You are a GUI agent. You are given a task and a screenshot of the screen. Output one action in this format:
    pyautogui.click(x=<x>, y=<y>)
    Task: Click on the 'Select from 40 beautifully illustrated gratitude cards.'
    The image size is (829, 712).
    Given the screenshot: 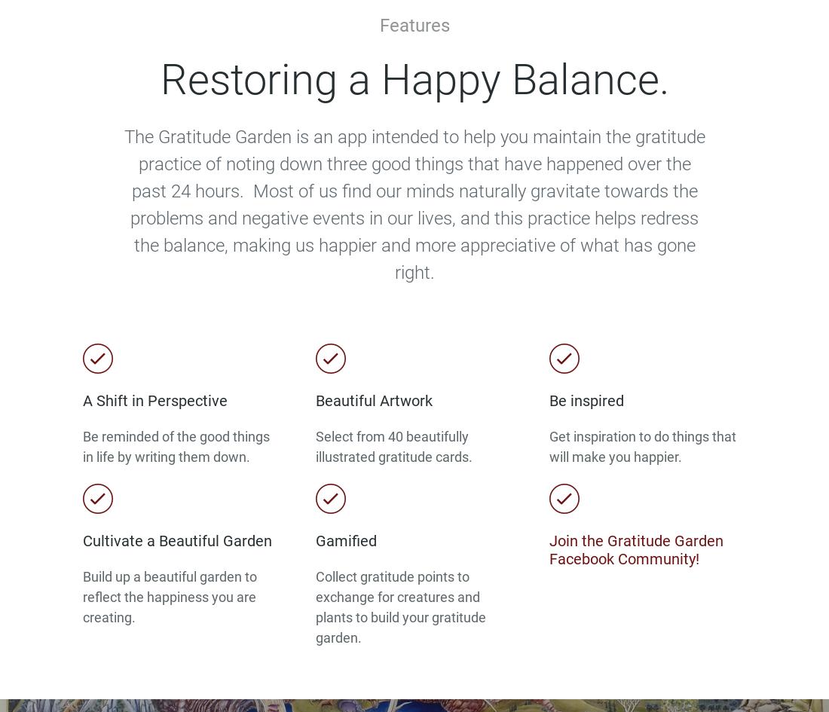 What is the action you would take?
    pyautogui.click(x=394, y=446)
    